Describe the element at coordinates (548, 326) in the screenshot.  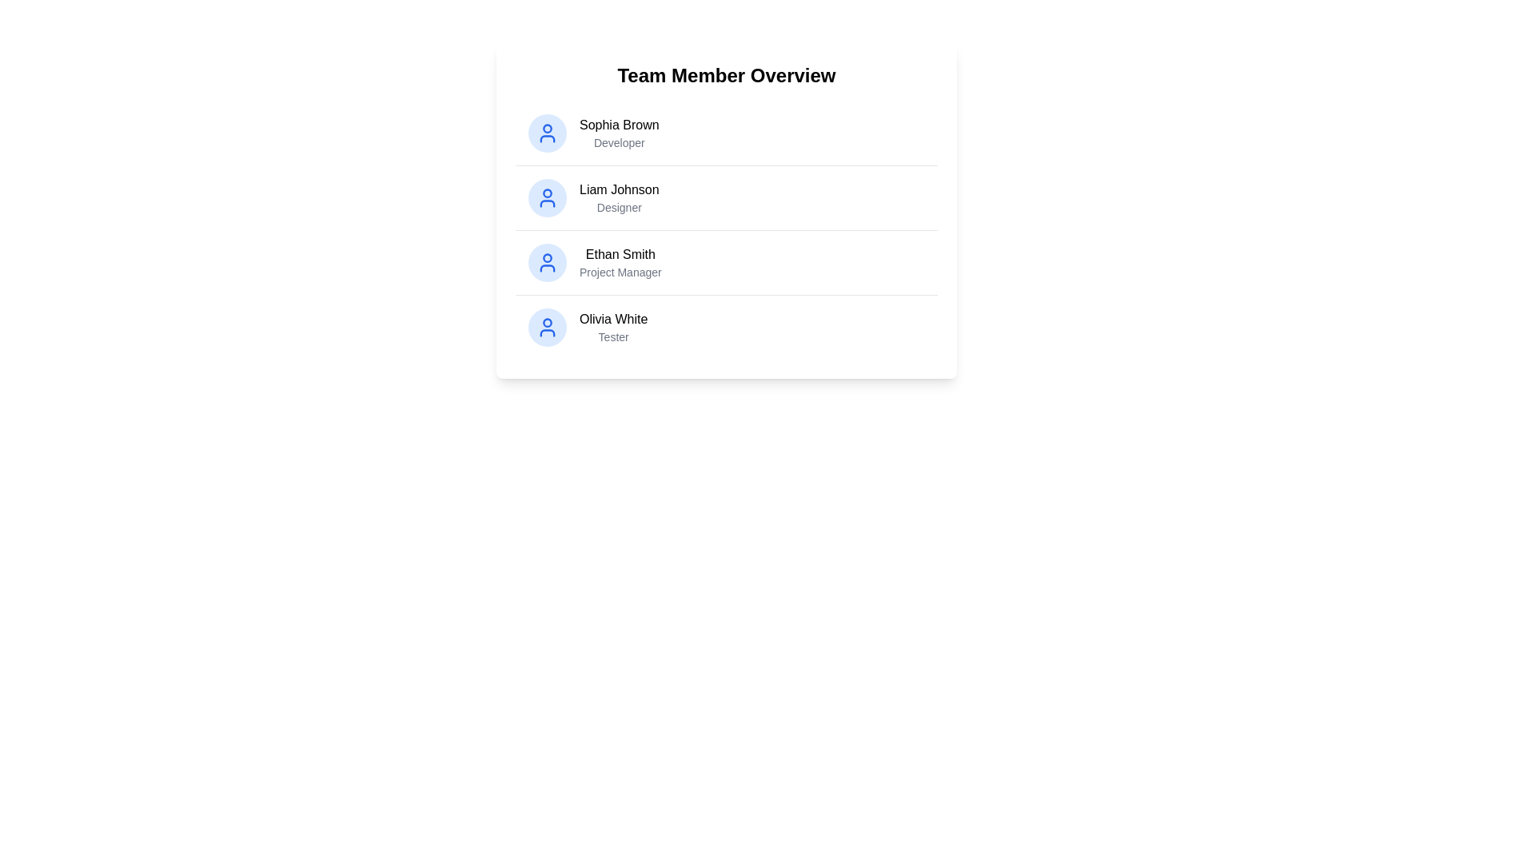
I see `the avatar icon representing team member 'Olivia White', which is the last entry in the list of team members, located to the left of the text 'Olivia White' and 'Tester'` at that location.